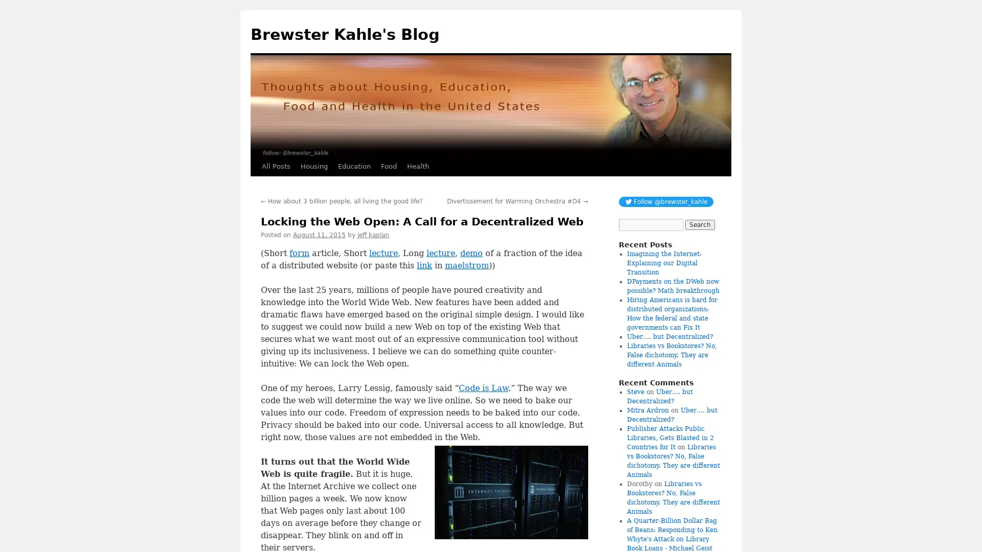  What do you see at coordinates (699, 224) in the screenshot?
I see `Search` at bounding box center [699, 224].